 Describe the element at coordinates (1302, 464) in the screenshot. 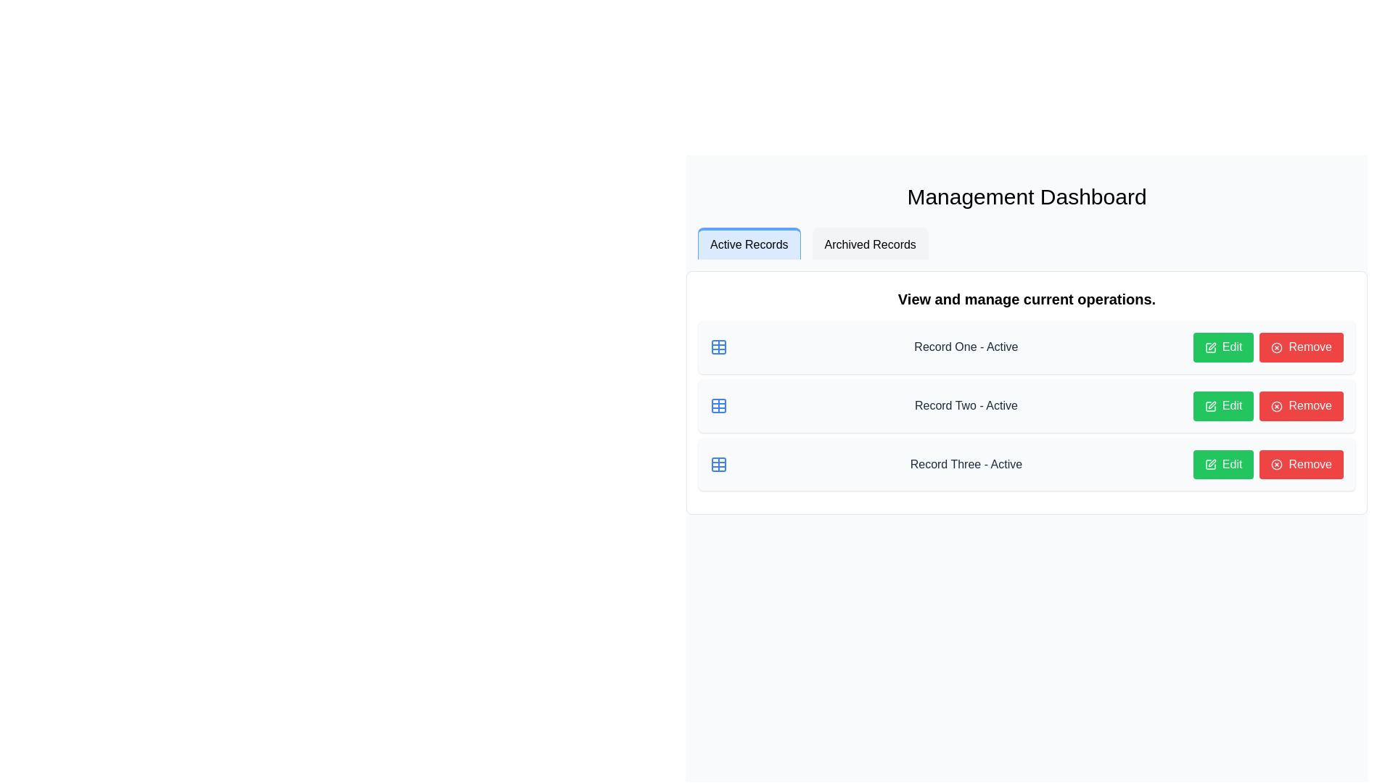

I see `the button that initiates the removal of 'Record Three - Active'` at that location.